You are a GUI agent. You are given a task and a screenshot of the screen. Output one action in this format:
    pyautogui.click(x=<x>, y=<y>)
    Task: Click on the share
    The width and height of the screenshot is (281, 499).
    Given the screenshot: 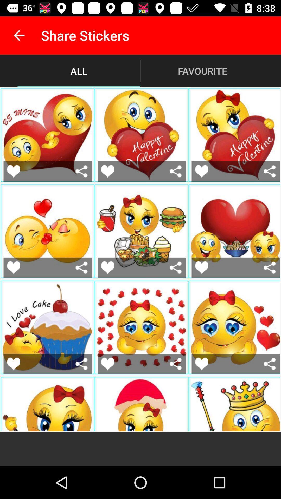 What is the action you would take?
    pyautogui.click(x=269, y=171)
    